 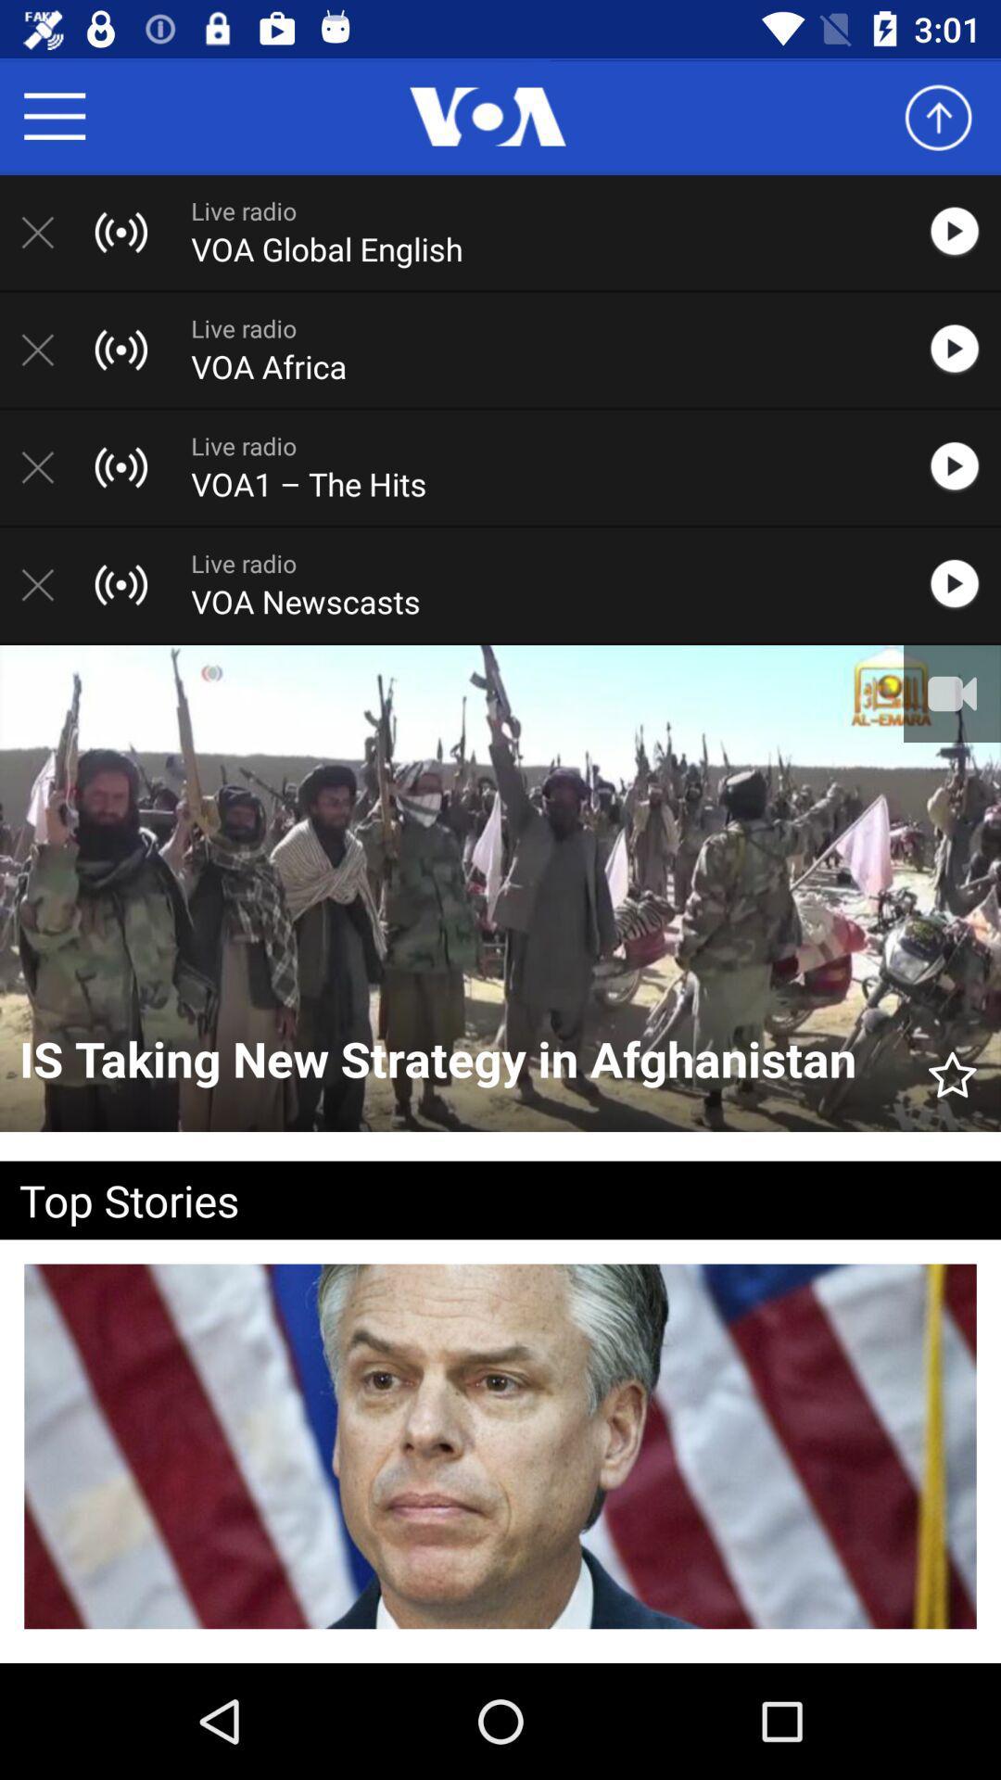 I want to click on mode, so click(x=963, y=467).